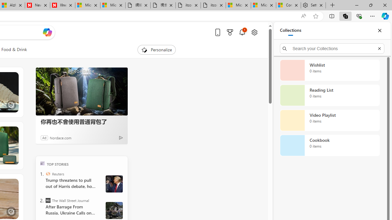  Describe the element at coordinates (62, 5) in the screenshot. I see `'Illness news & latest pictures from Newsweek.com'` at that location.